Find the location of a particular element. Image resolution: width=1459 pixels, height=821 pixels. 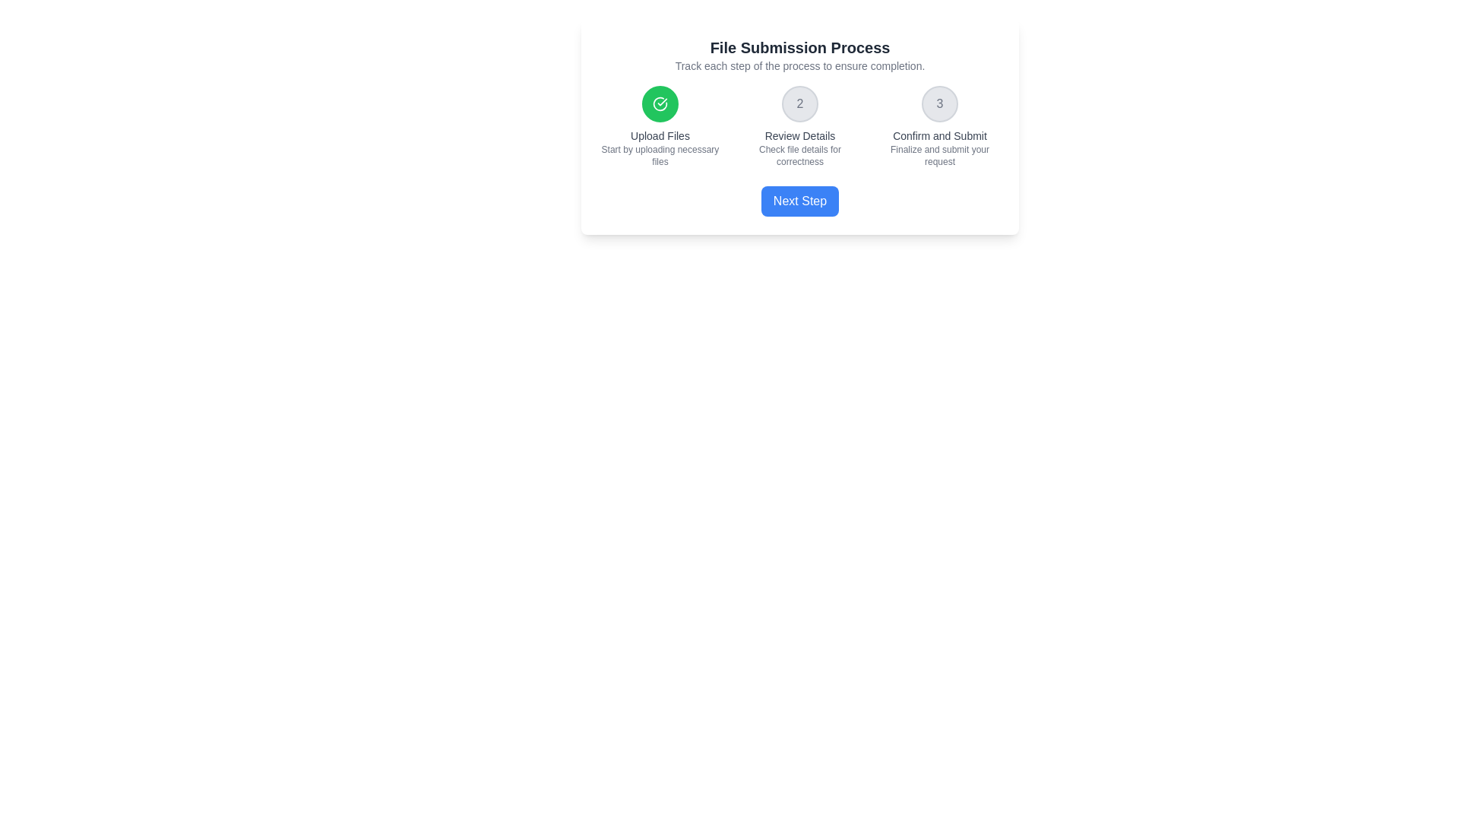

the Progress indicator for the second step in the File Submission Process is located at coordinates (799, 125).